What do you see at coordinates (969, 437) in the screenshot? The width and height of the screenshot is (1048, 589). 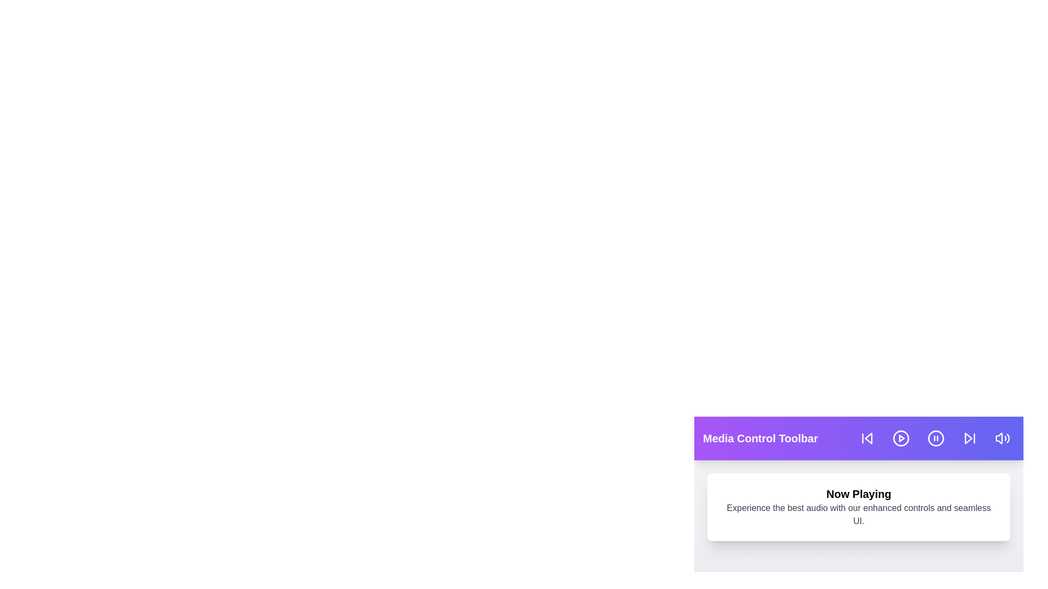 I see `the skip-forward button in the media control toolbar` at bounding box center [969, 437].